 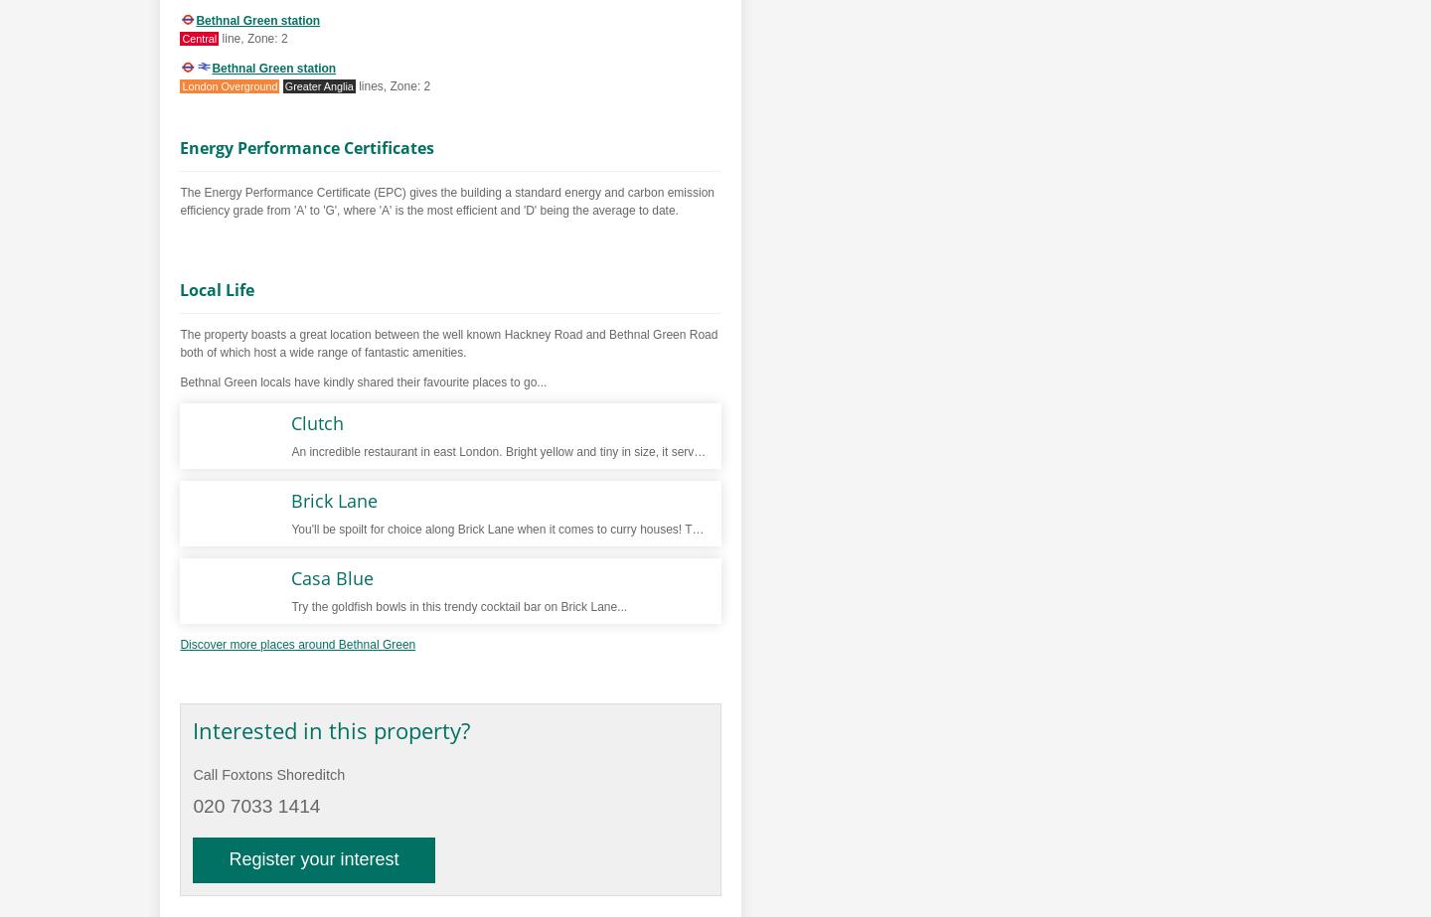 I want to click on 'Bethnal Green locals have kindly shared their favourite places to go...', so click(x=362, y=382).